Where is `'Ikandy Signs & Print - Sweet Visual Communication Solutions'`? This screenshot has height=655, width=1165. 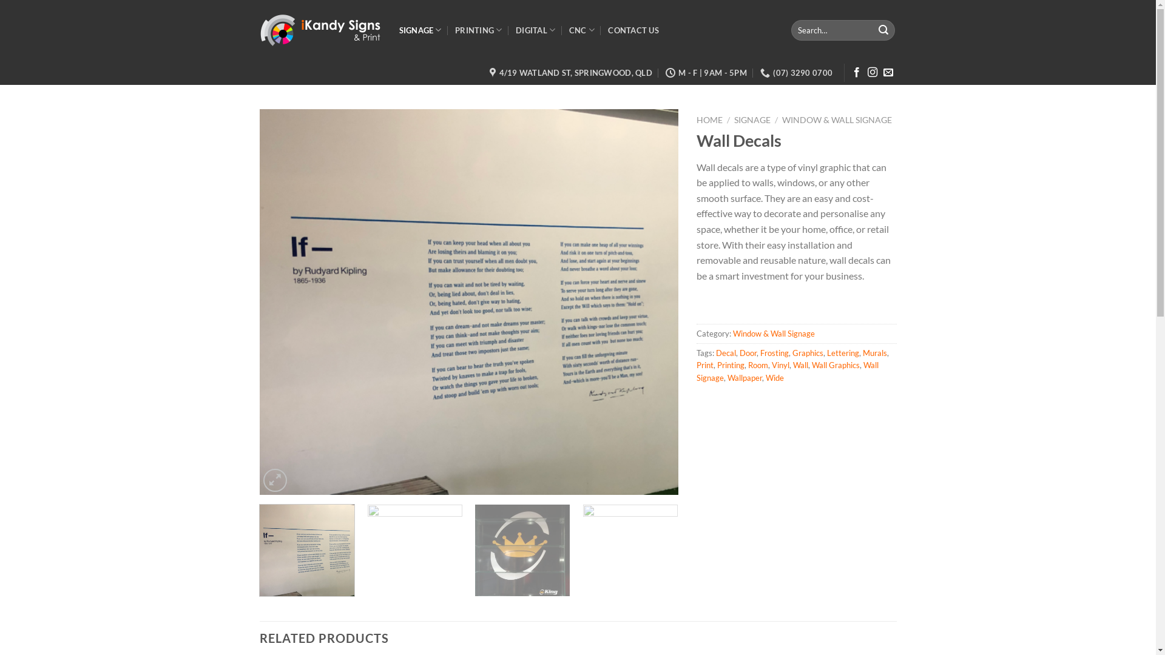 'Ikandy Signs & Print - Sweet Visual Communication Solutions' is located at coordinates (320, 30).